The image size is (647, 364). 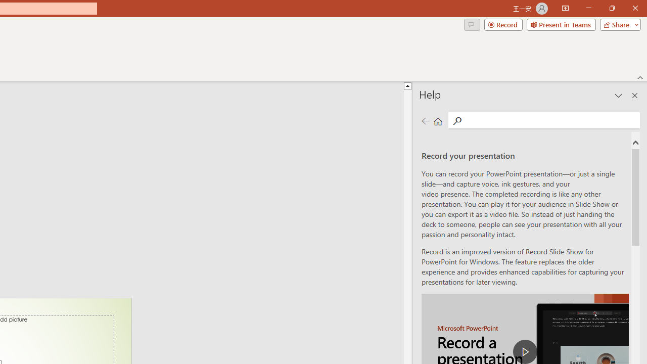 What do you see at coordinates (634, 96) in the screenshot?
I see `'Close pane'` at bounding box center [634, 96].